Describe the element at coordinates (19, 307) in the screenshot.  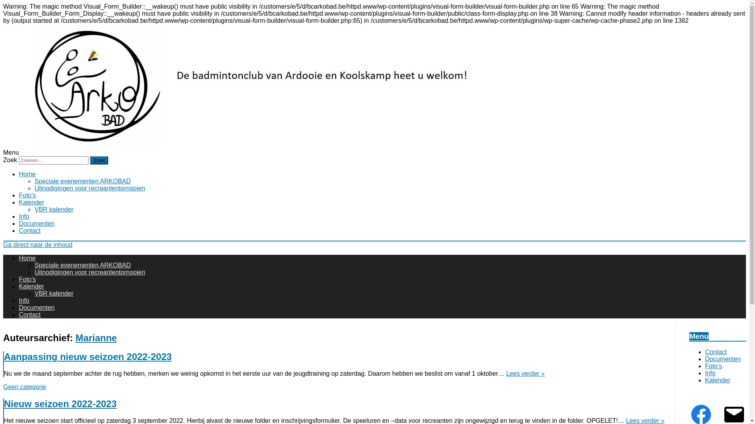
I see `'Documenten'` at that location.